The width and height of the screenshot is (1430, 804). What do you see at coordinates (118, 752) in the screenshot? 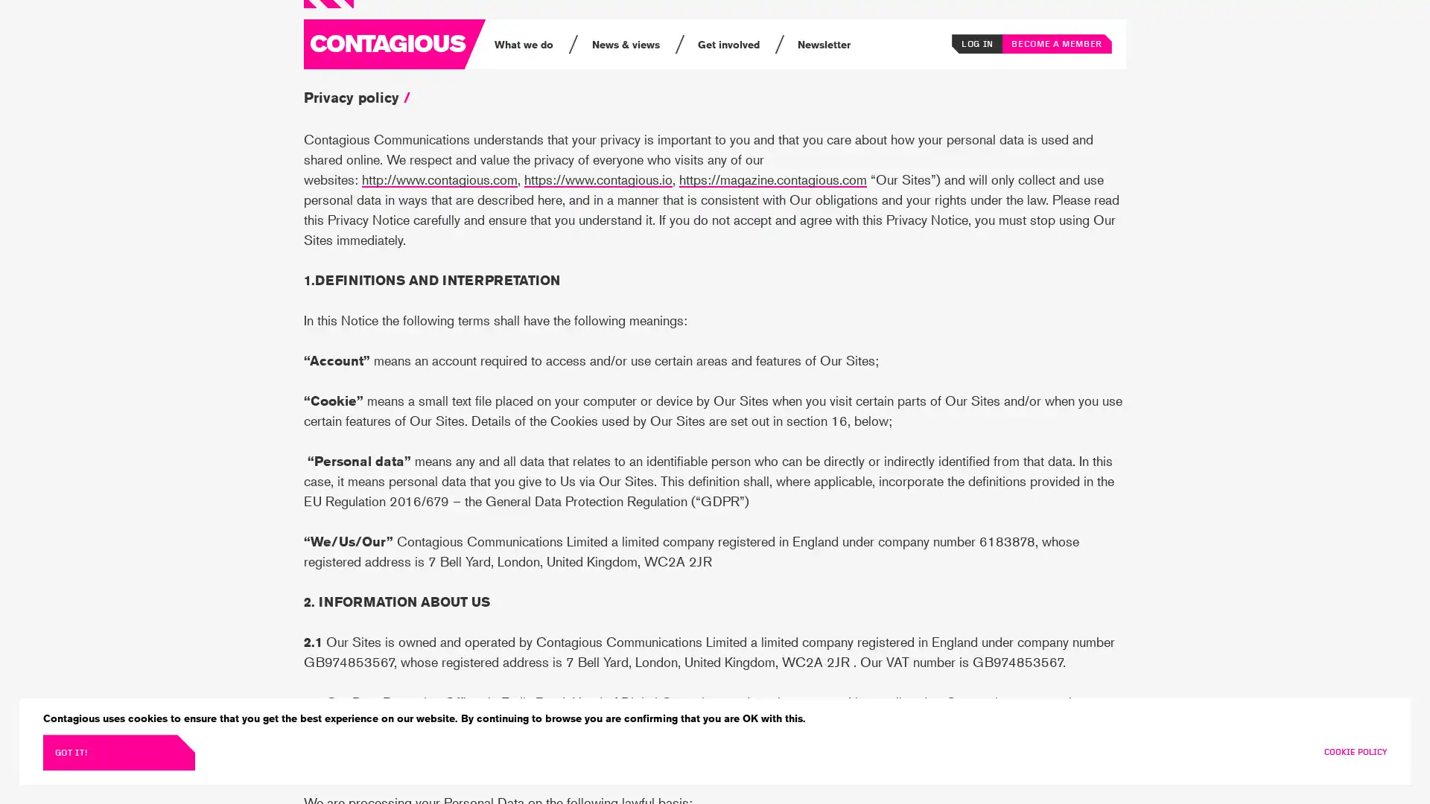
I see `GOT IT!` at bounding box center [118, 752].